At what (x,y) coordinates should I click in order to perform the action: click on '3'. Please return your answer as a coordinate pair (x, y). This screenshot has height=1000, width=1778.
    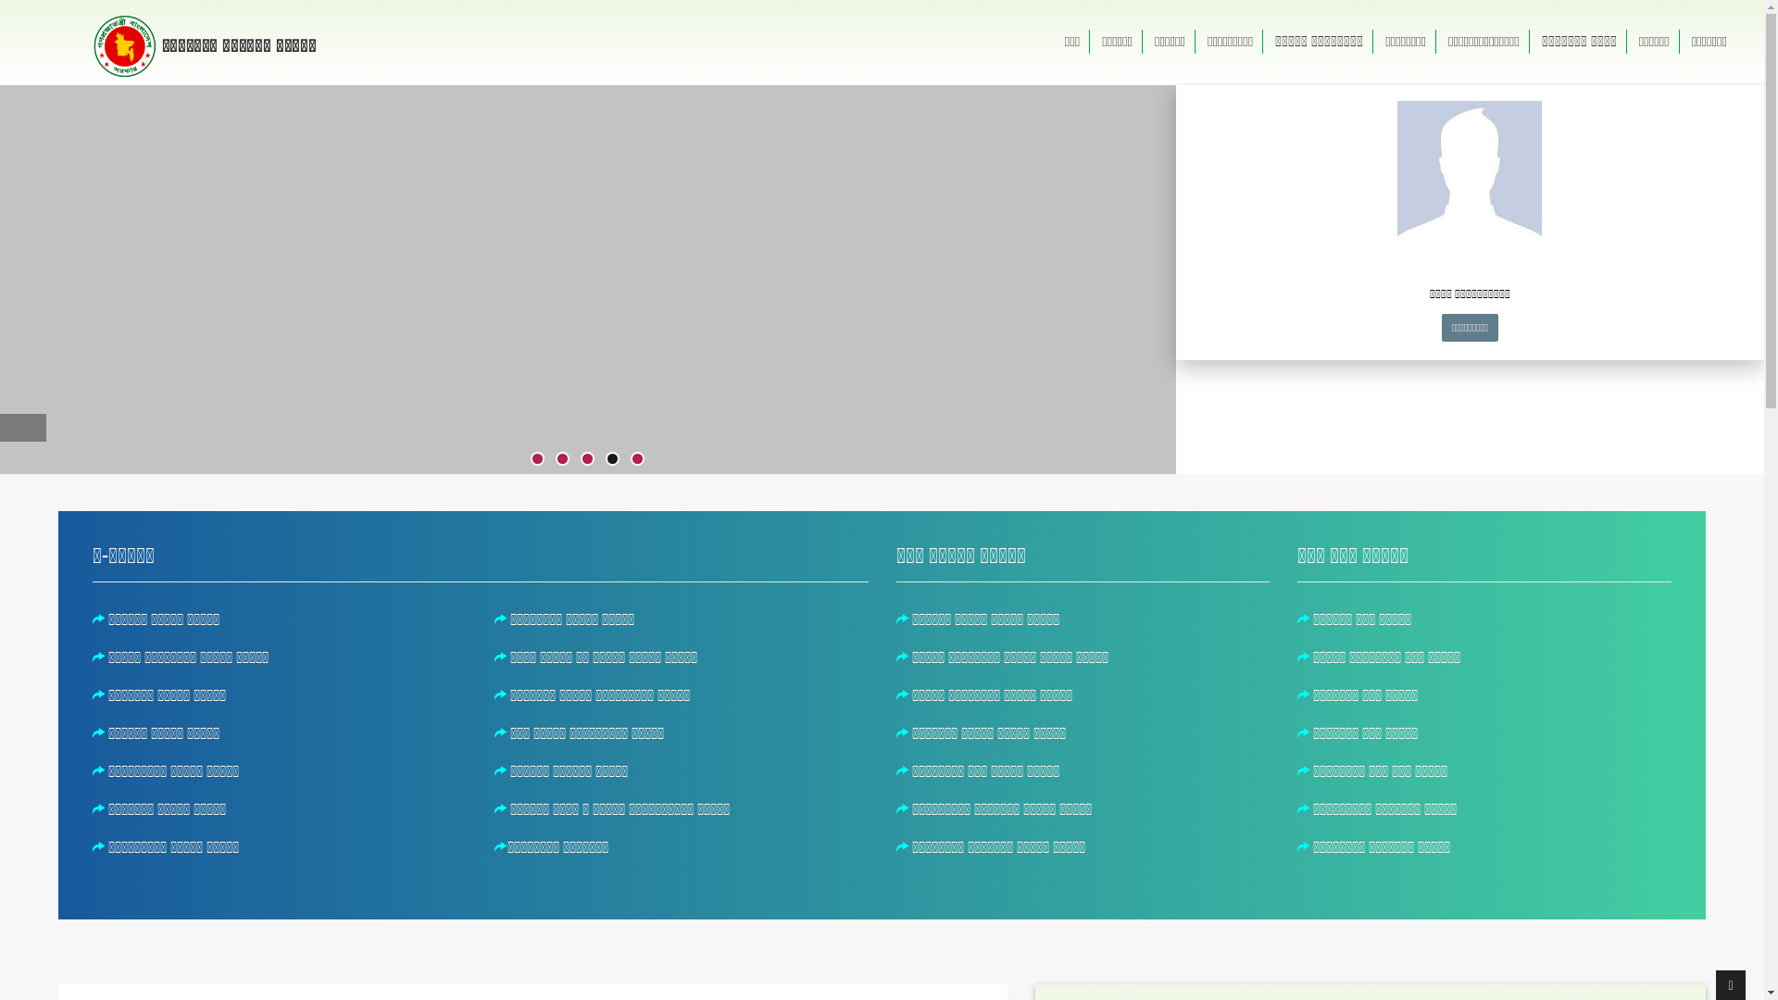
    Looking at the image, I should click on (586, 458).